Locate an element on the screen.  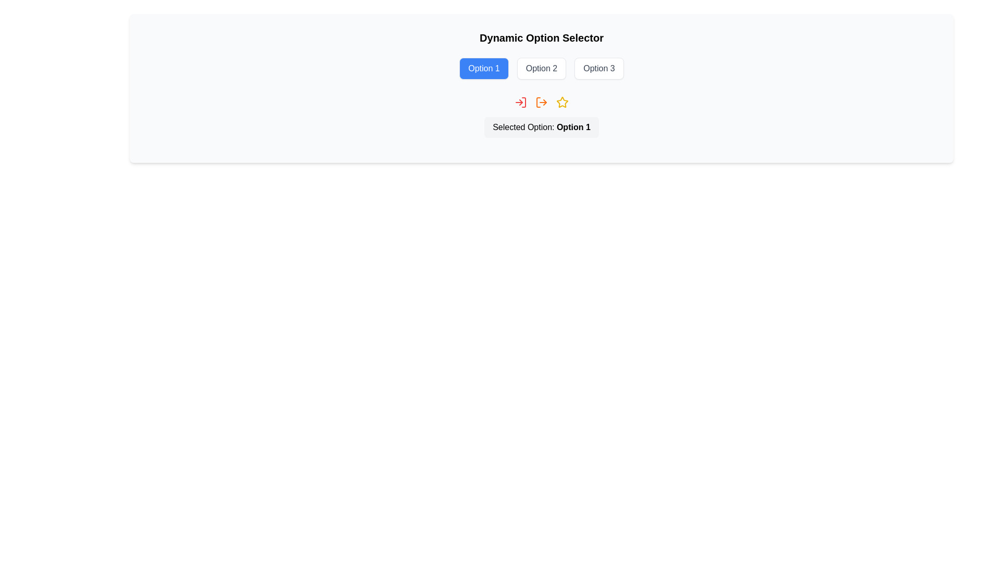
the rectangular button labeled 'Option 3' with a white background and gray text is located at coordinates (599, 68).